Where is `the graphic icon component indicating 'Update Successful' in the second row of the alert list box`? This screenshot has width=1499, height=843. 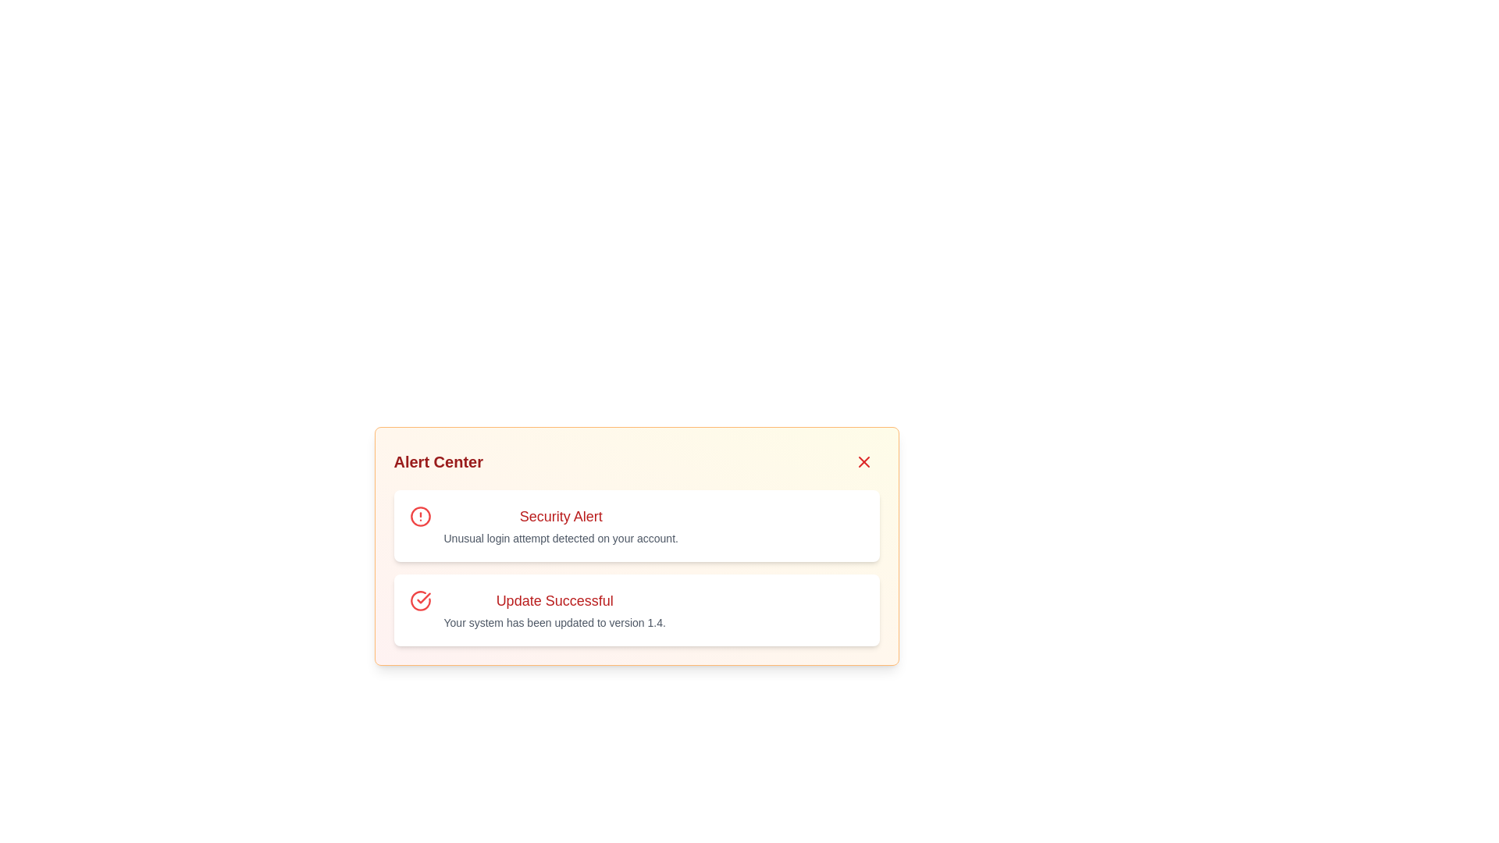 the graphic icon component indicating 'Update Successful' in the second row of the alert list box is located at coordinates (420, 600).